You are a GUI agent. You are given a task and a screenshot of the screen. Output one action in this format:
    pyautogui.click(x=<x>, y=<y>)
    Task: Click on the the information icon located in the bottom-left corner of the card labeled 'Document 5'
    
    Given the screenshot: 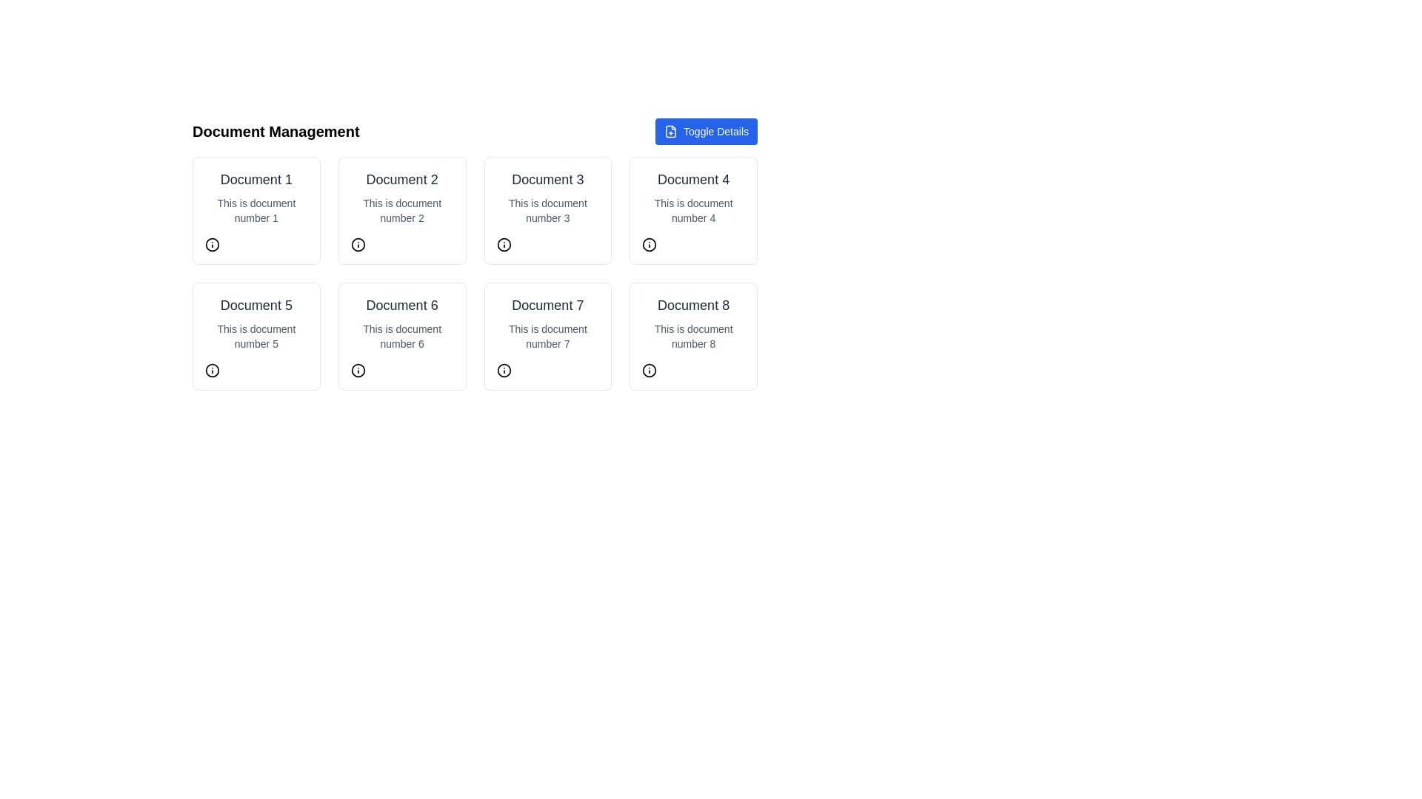 What is the action you would take?
    pyautogui.click(x=212, y=370)
    